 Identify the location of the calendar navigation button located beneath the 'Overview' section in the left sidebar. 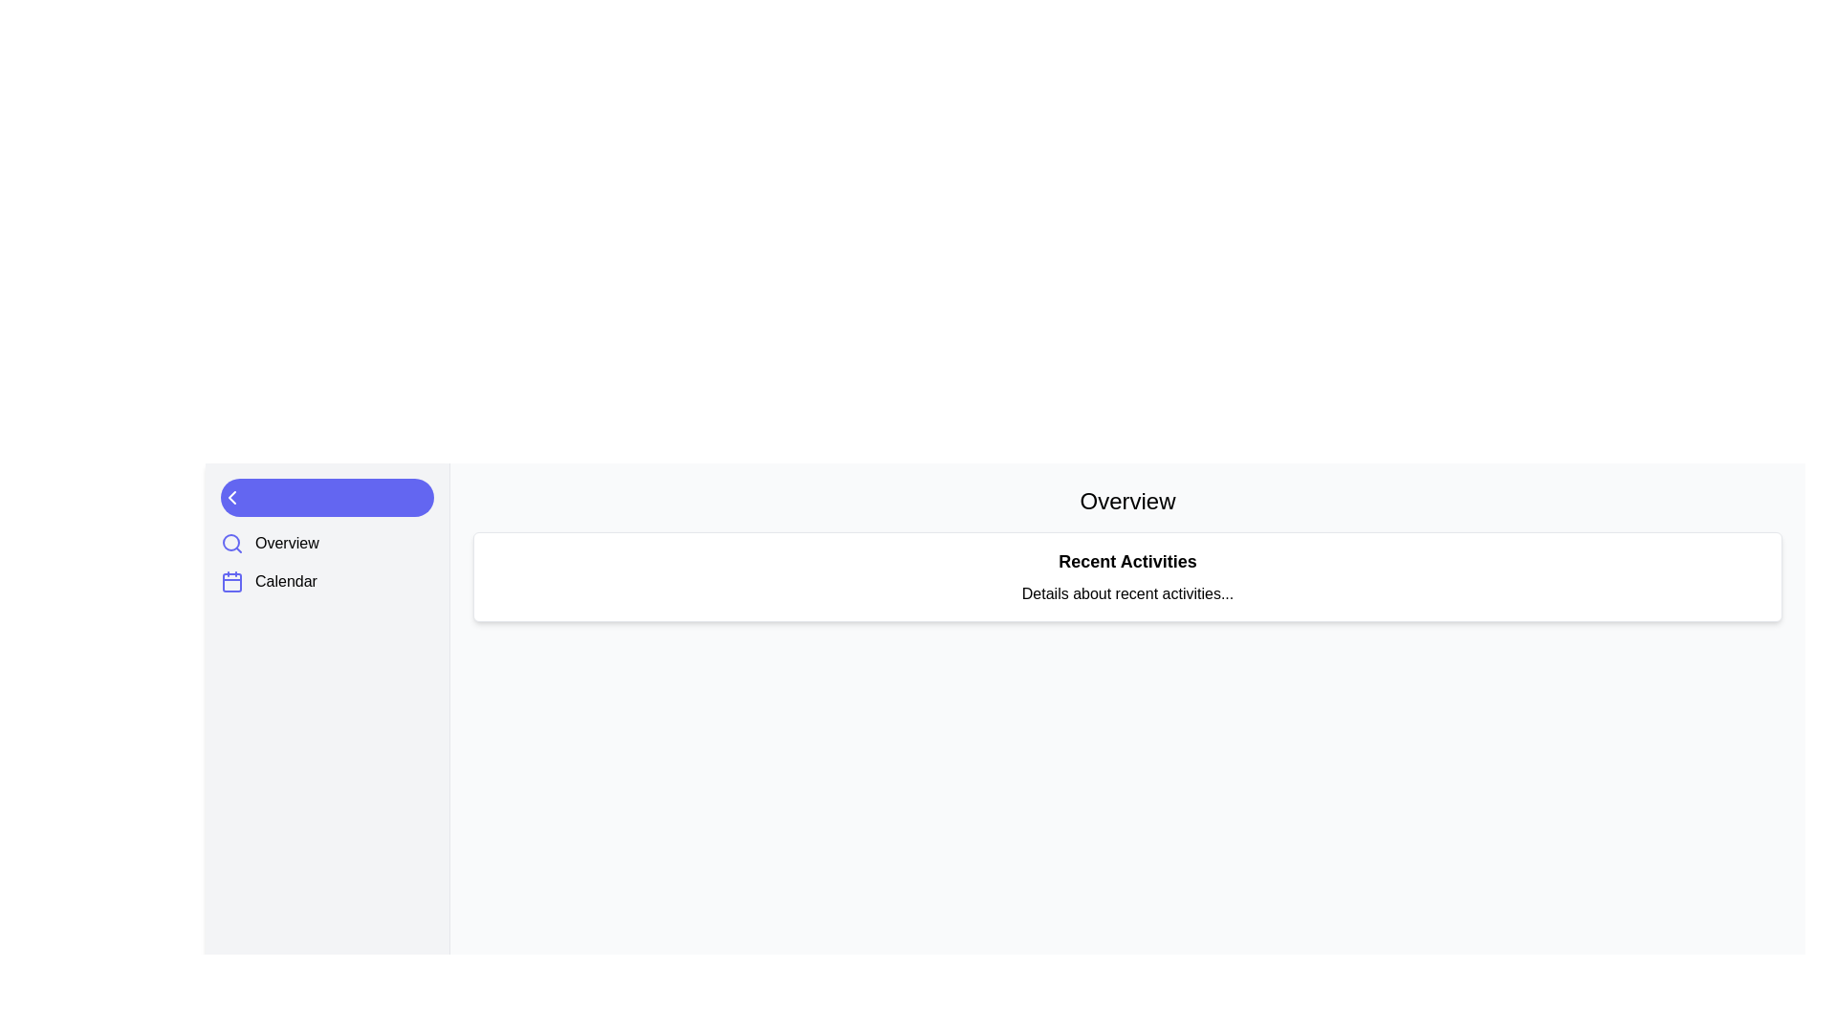
(268, 581).